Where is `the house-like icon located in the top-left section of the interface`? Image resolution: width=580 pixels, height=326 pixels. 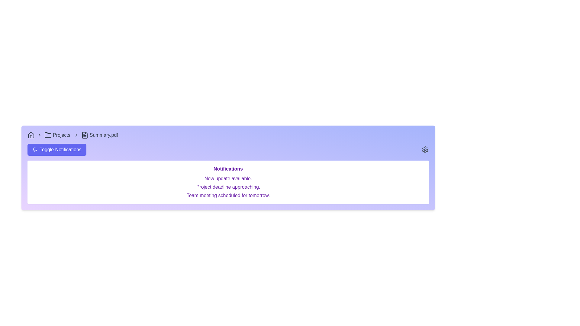 the house-like icon located in the top-left section of the interface is located at coordinates (31, 135).